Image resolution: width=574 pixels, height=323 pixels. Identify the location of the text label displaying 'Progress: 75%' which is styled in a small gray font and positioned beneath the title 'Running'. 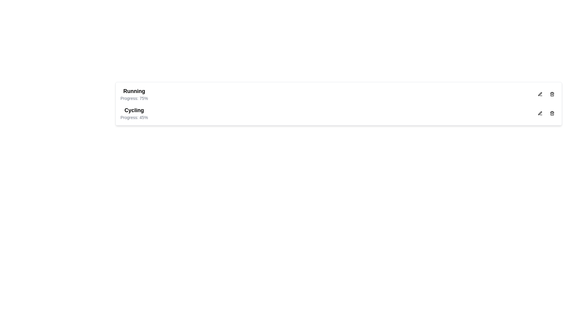
(134, 98).